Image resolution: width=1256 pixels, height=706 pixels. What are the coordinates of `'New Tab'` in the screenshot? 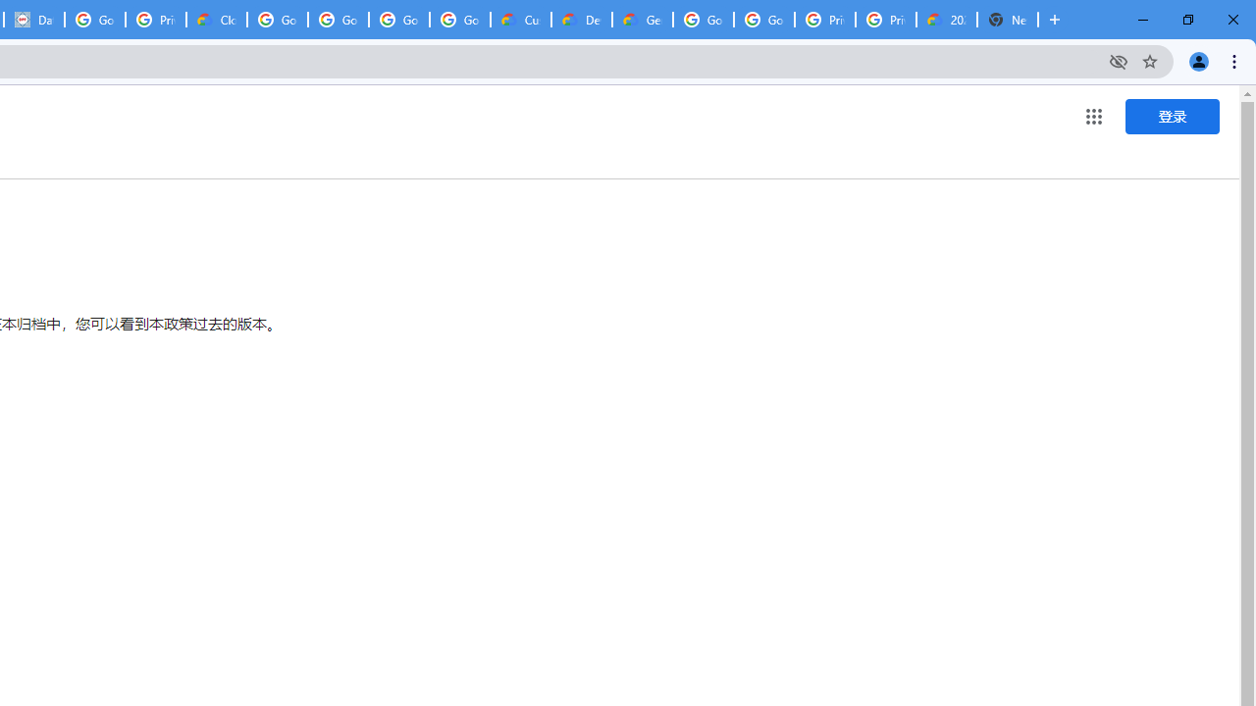 It's located at (1008, 20).